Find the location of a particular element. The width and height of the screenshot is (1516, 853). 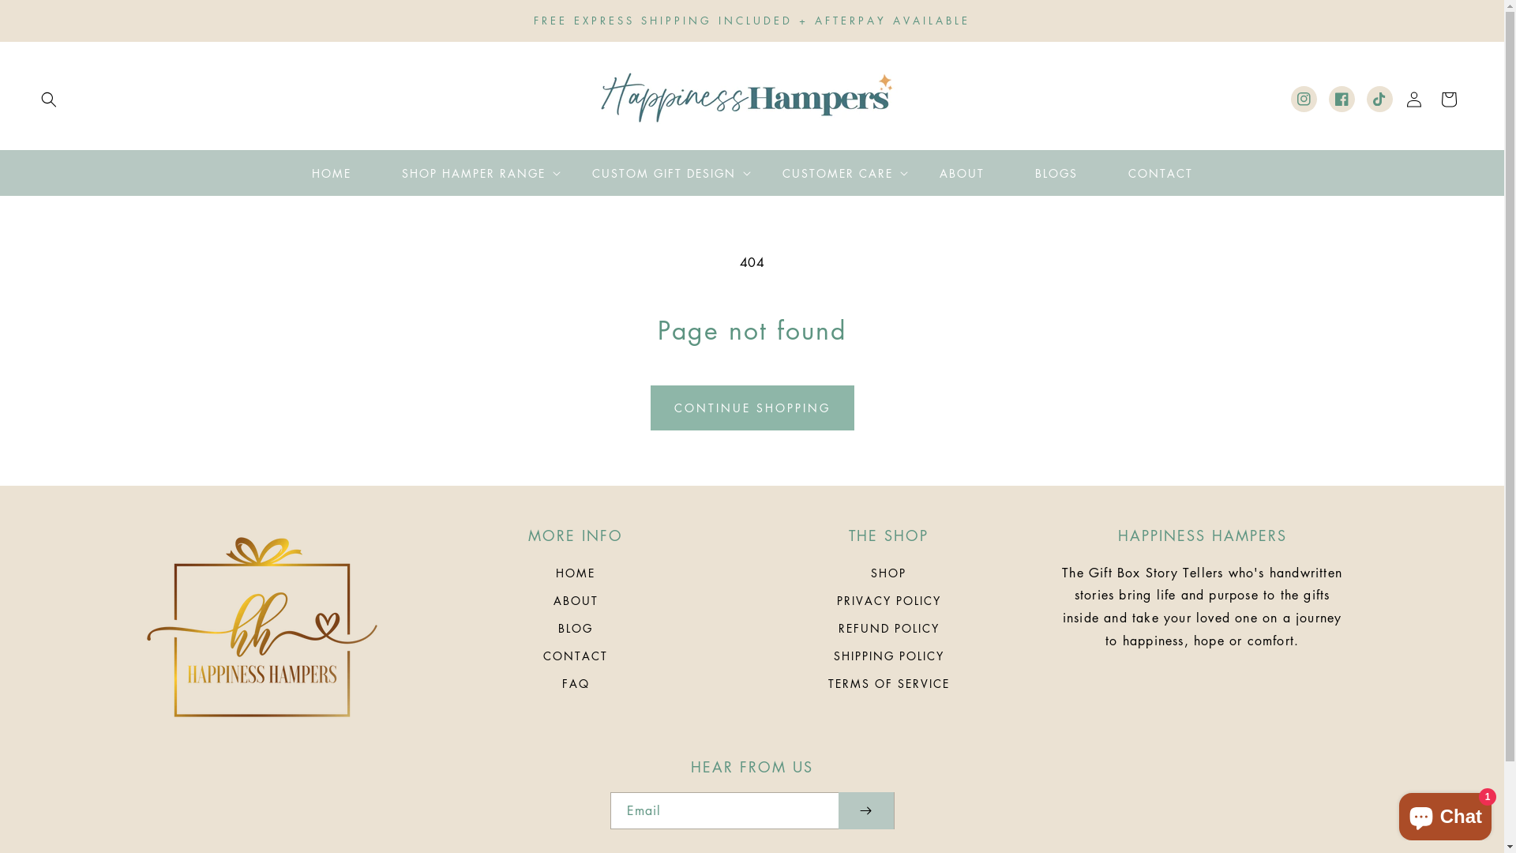

'CONTACT' is located at coordinates (575, 656).